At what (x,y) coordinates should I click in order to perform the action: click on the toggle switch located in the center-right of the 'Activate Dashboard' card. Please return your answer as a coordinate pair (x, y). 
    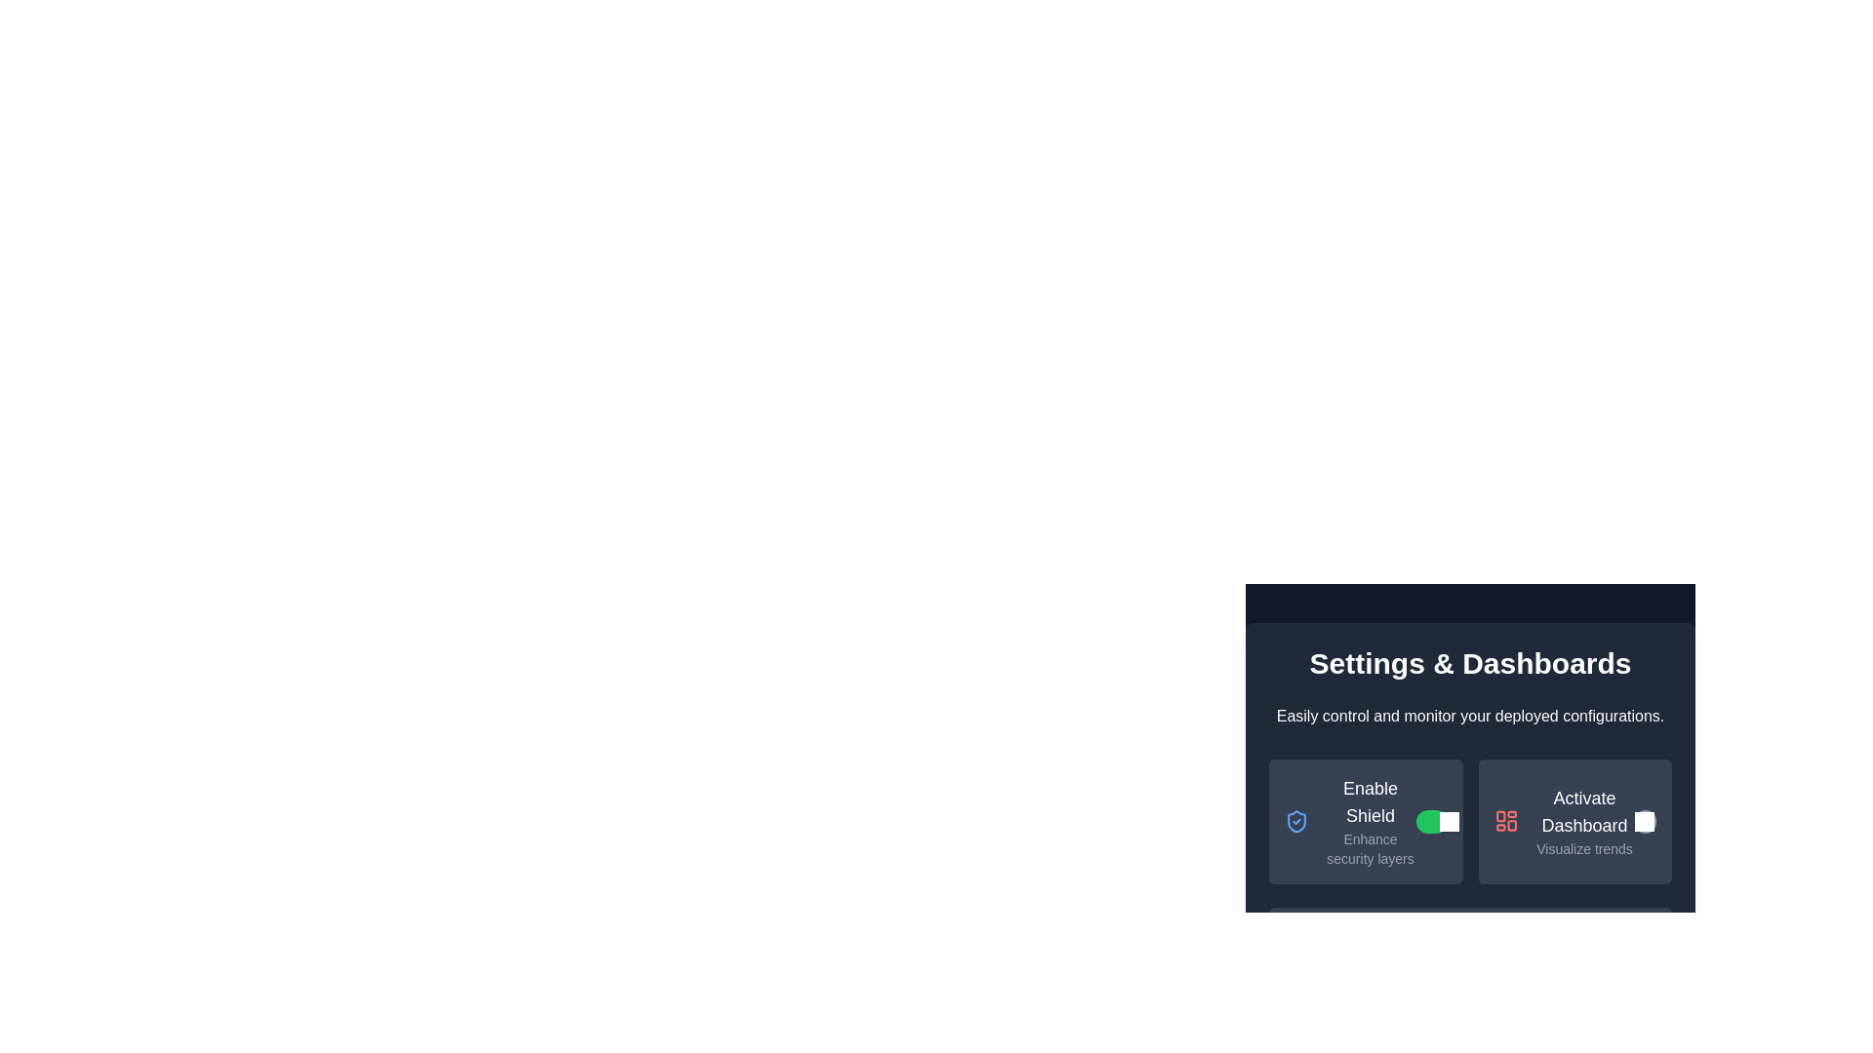
    Looking at the image, I should click on (1644, 822).